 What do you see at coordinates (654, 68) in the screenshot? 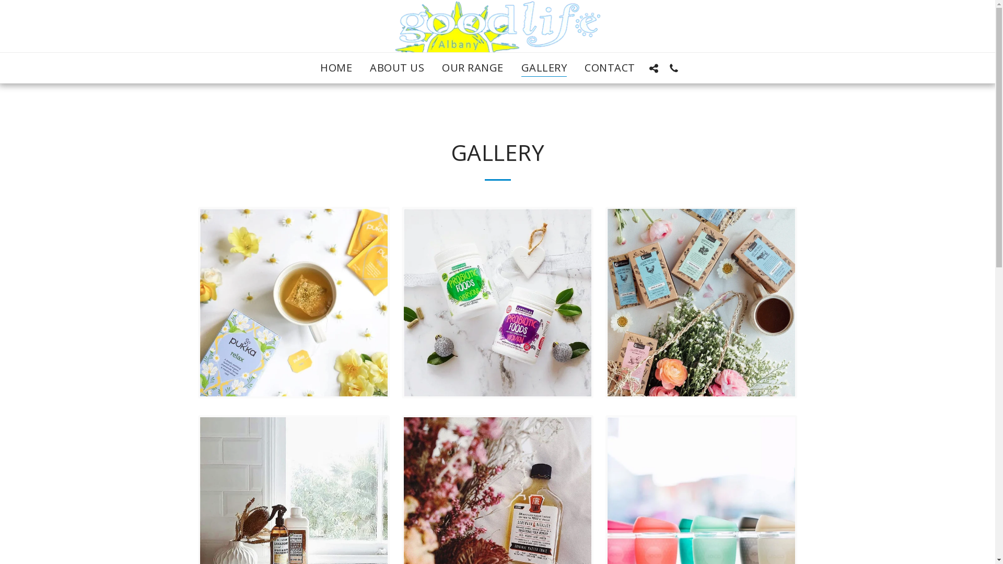
I see `' '` at bounding box center [654, 68].